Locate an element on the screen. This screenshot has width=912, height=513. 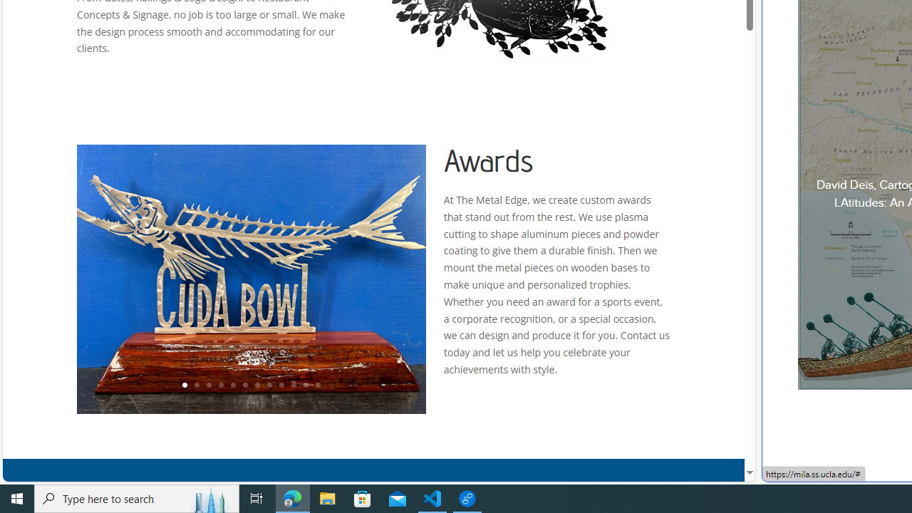
'10' is located at coordinates (293, 385).